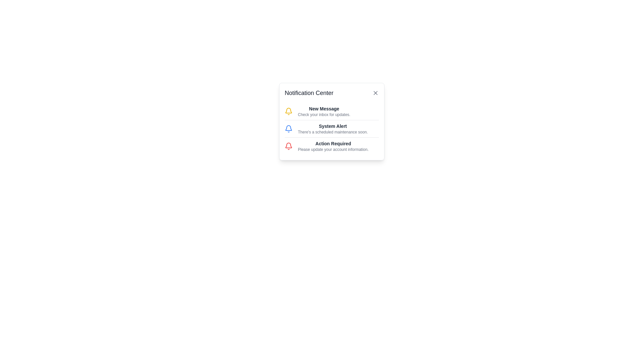 The image size is (632, 355). Describe the element at coordinates (332, 146) in the screenshot. I see `the third notification card in the Notification Center that requests an update to account information` at that location.